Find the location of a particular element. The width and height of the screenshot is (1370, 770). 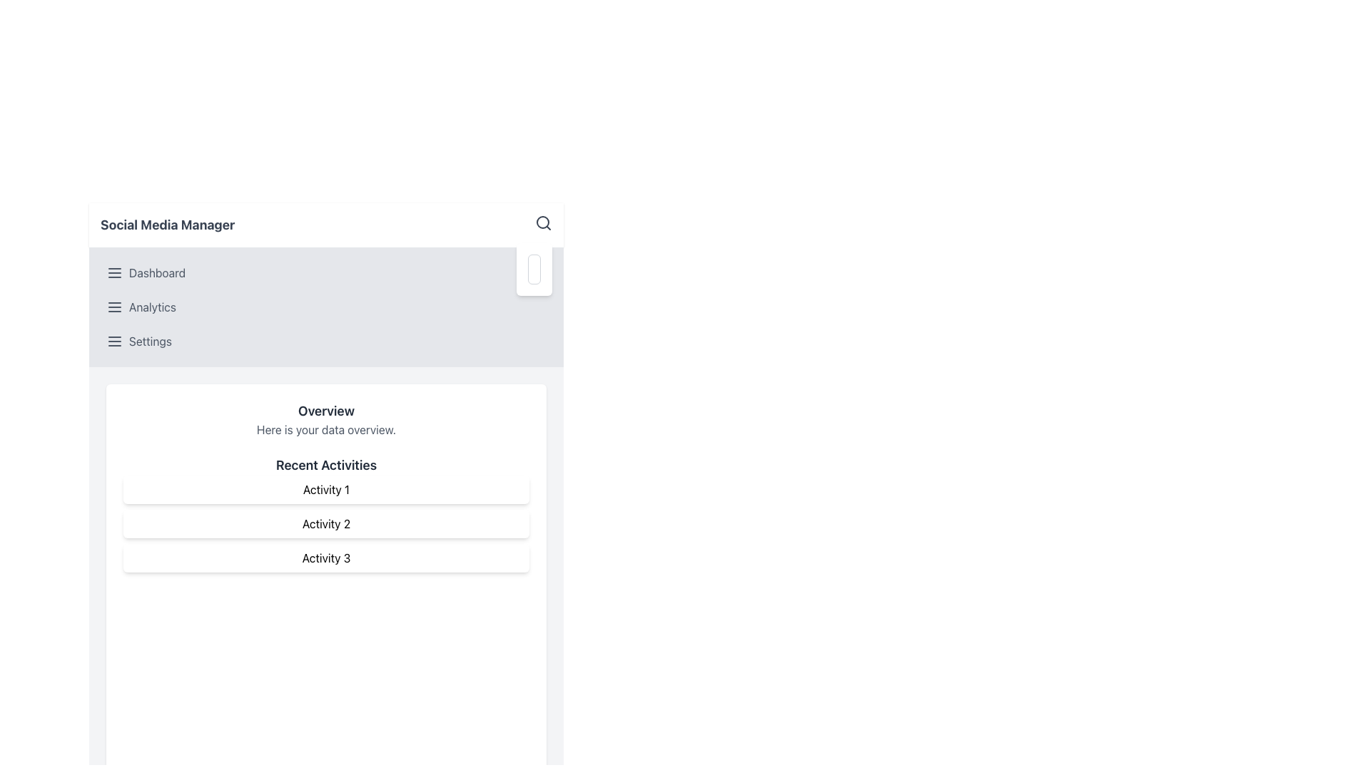

the SVG icon with a 'hamburger menu' design that indicates the 'Dashboard' menu option, located to the left of the text 'Dashboard' in the top-left navigation menu is located at coordinates (115, 272).